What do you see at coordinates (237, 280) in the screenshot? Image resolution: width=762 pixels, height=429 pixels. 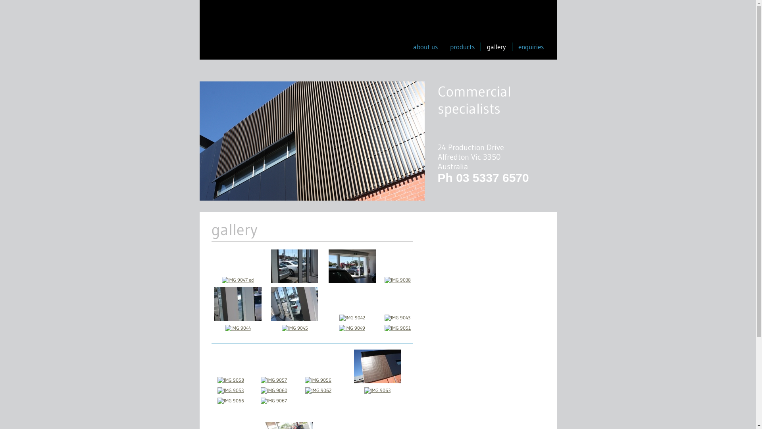 I see `'IMG 9047 ed'` at bounding box center [237, 280].